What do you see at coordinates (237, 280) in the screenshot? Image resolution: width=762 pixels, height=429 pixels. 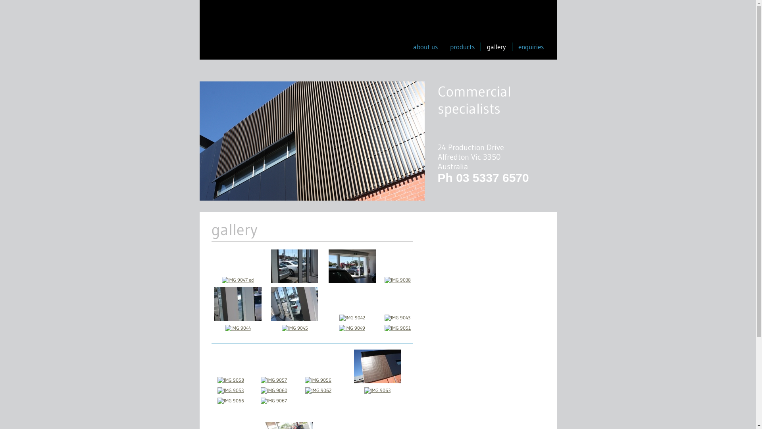 I see `'IMG 9047 ed'` at bounding box center [237, 280].